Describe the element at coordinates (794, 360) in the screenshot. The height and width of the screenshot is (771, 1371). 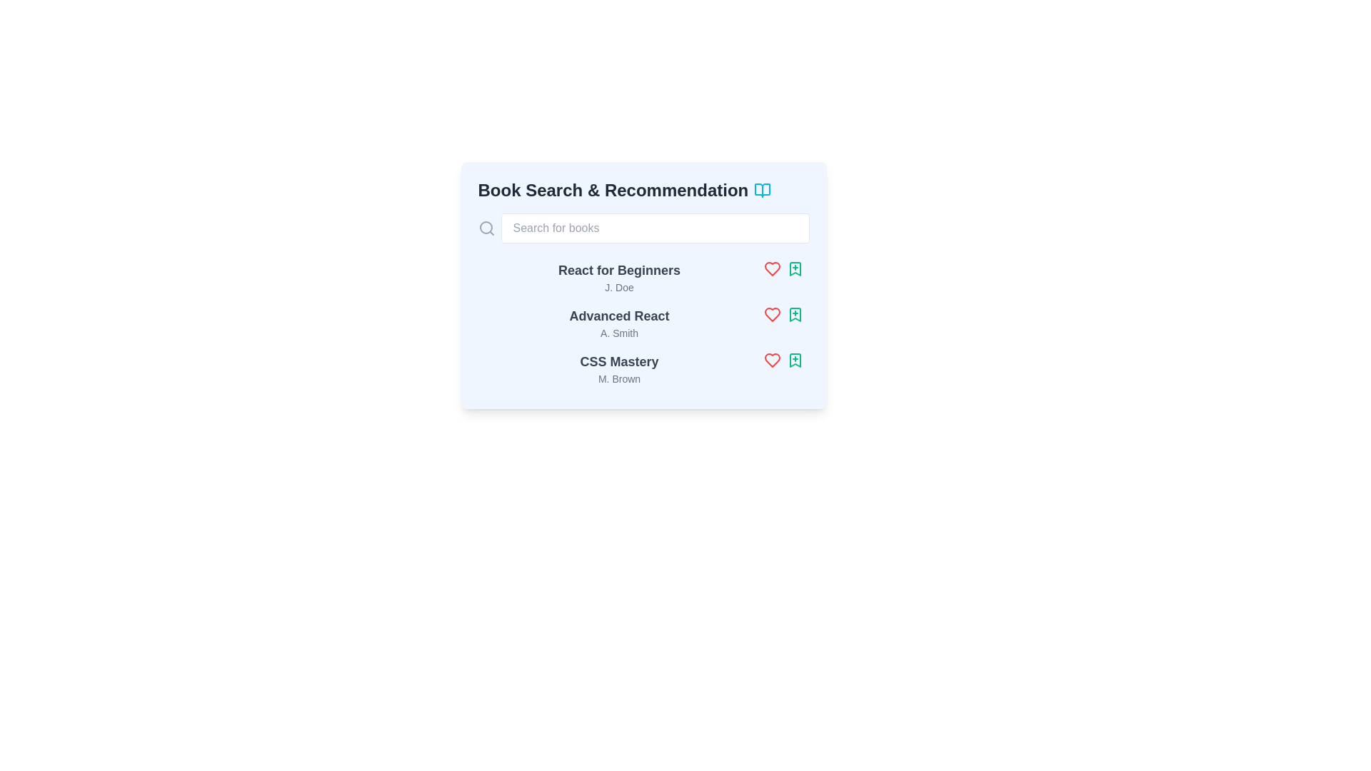
I see `the bookmark button (icon button) located at the far-right of the row for the book titled 'CSS Mastery' to bookmark the item` at that location.